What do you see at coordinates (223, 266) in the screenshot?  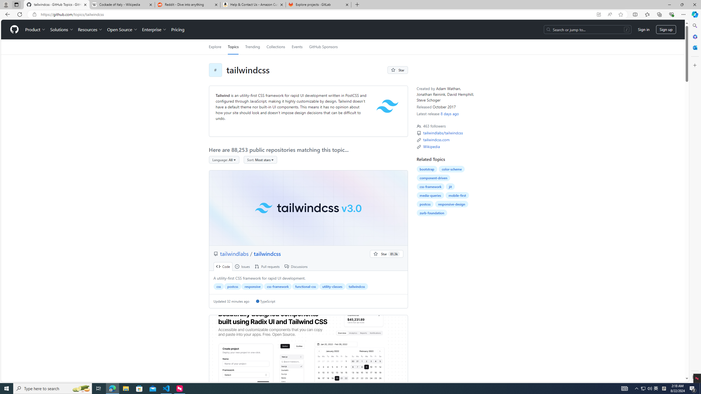 I see `' Code'` at bounding box center [223, 266].